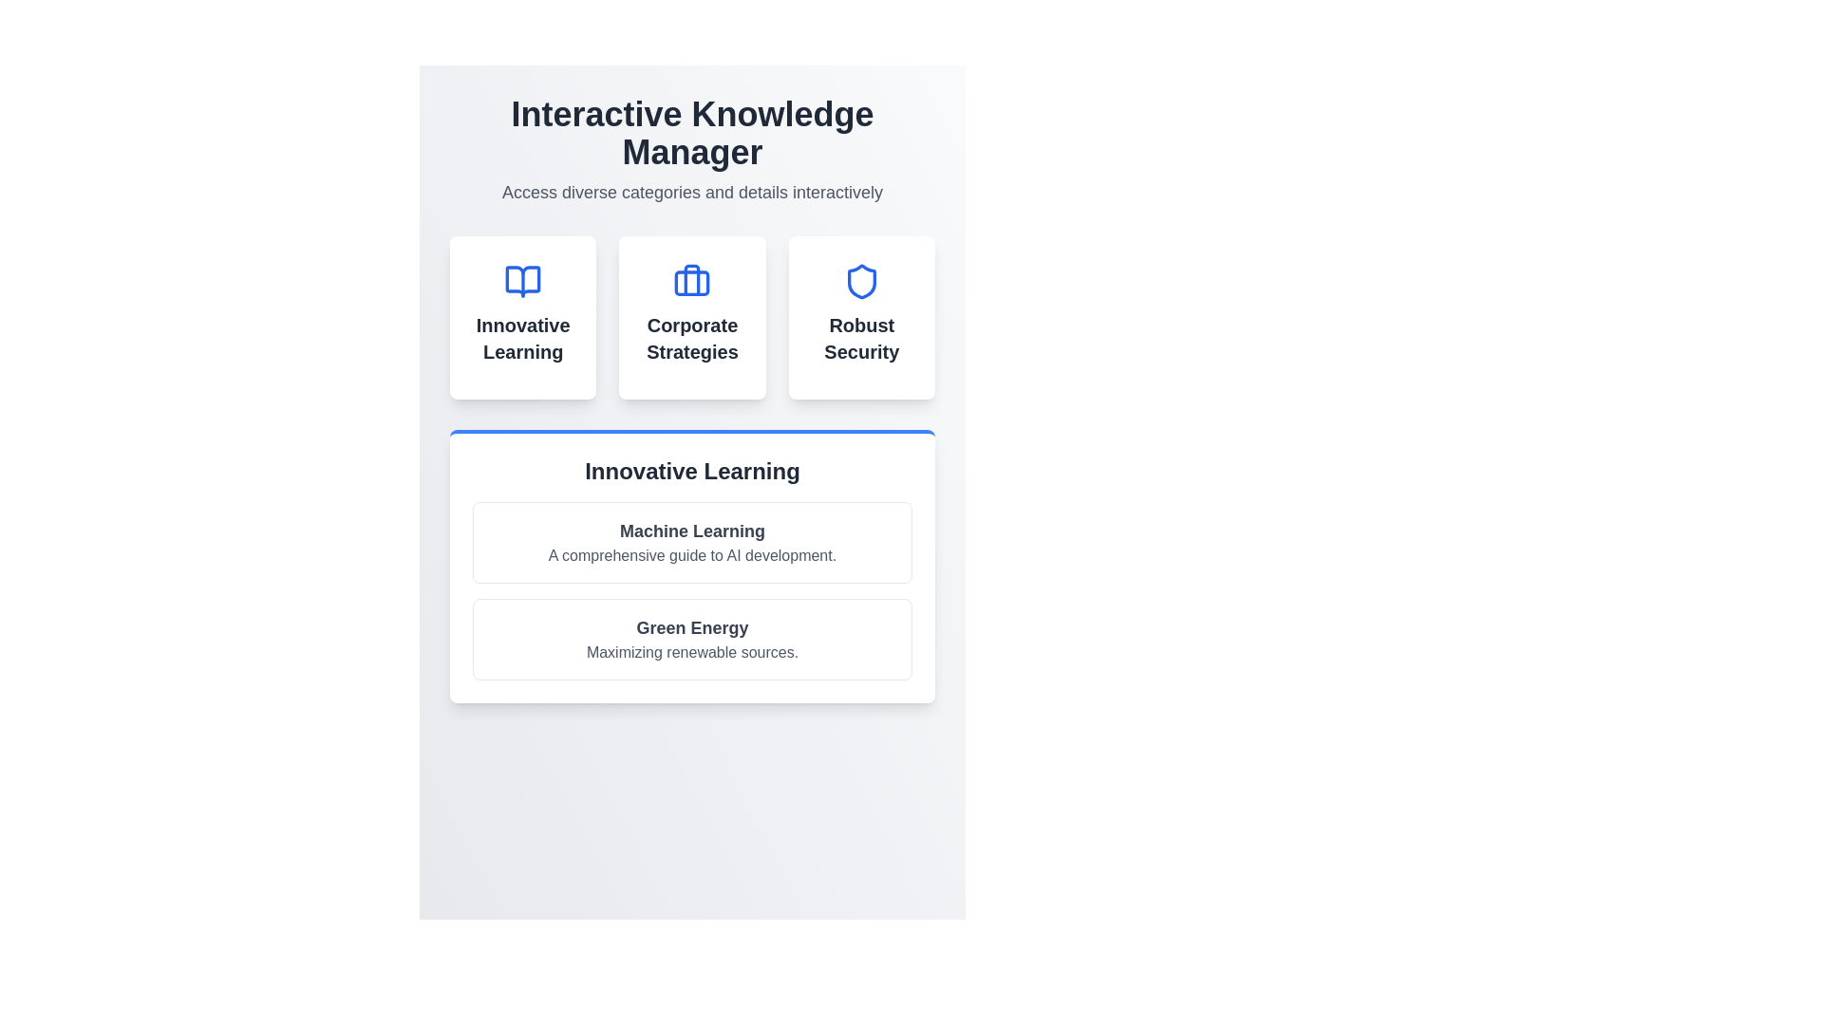  What do you see at coordinates (860, 338) in the screenshot?
I see `the text label displaying 'Robust Security'` at bounding box center [860, 338].